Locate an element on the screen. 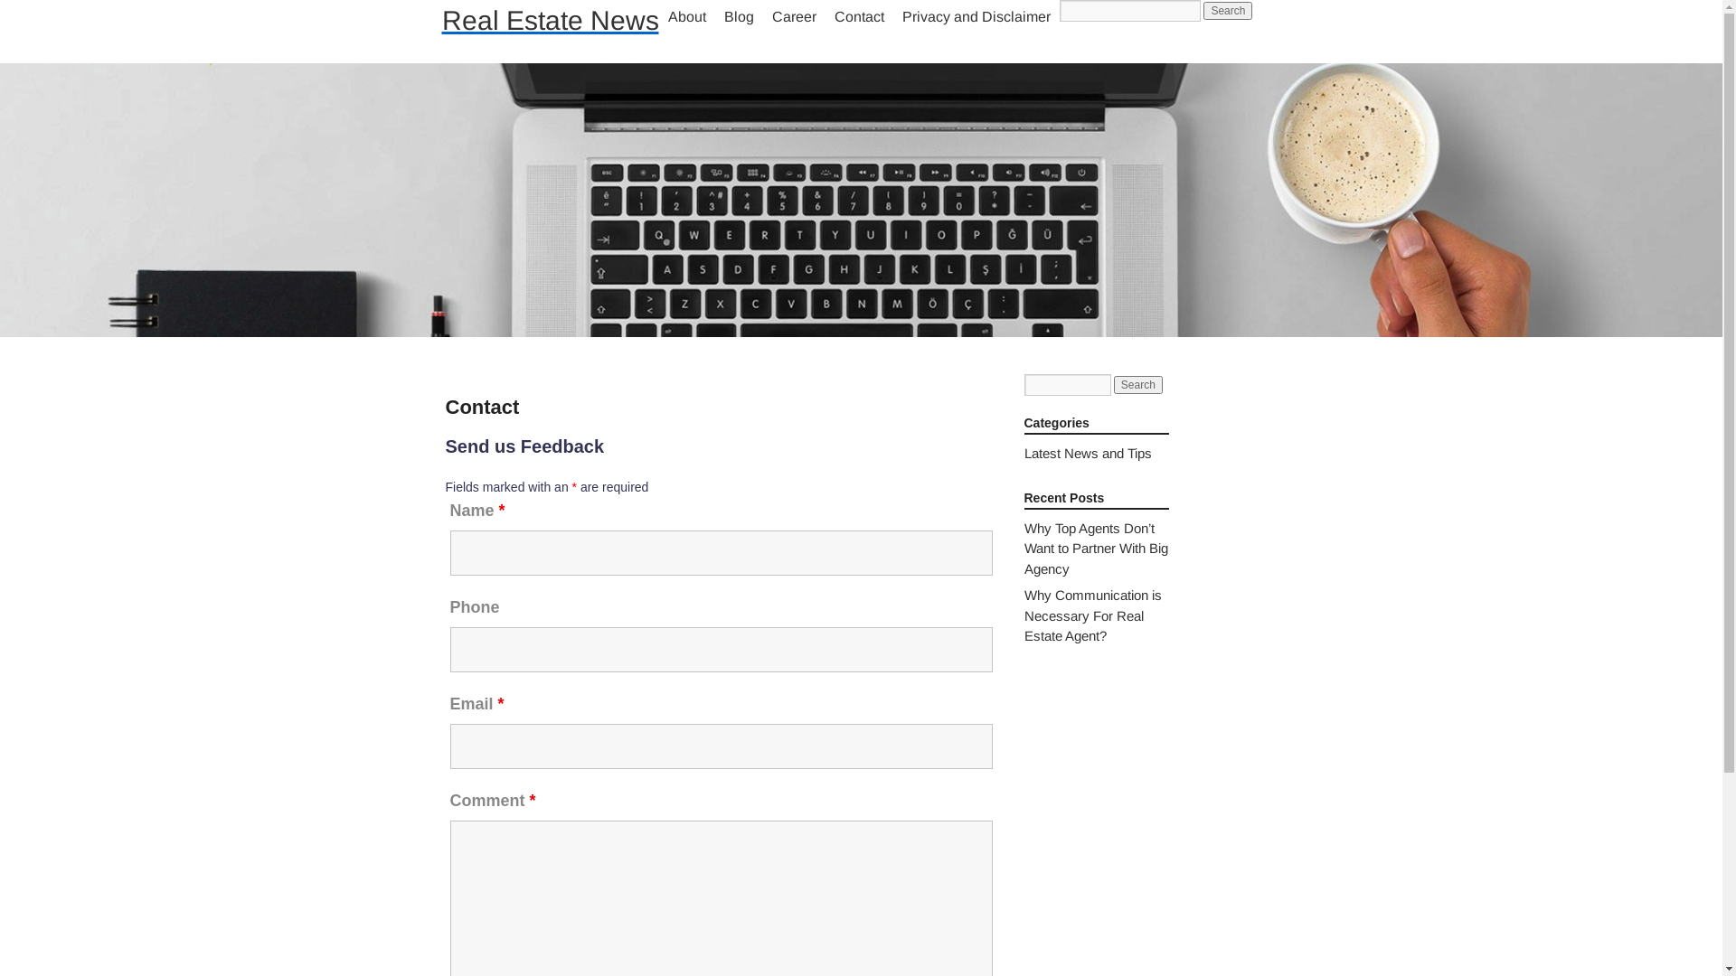 The width and height of the screenshot is (1736, 976). 'Career' is located at coordinates (794, 17).